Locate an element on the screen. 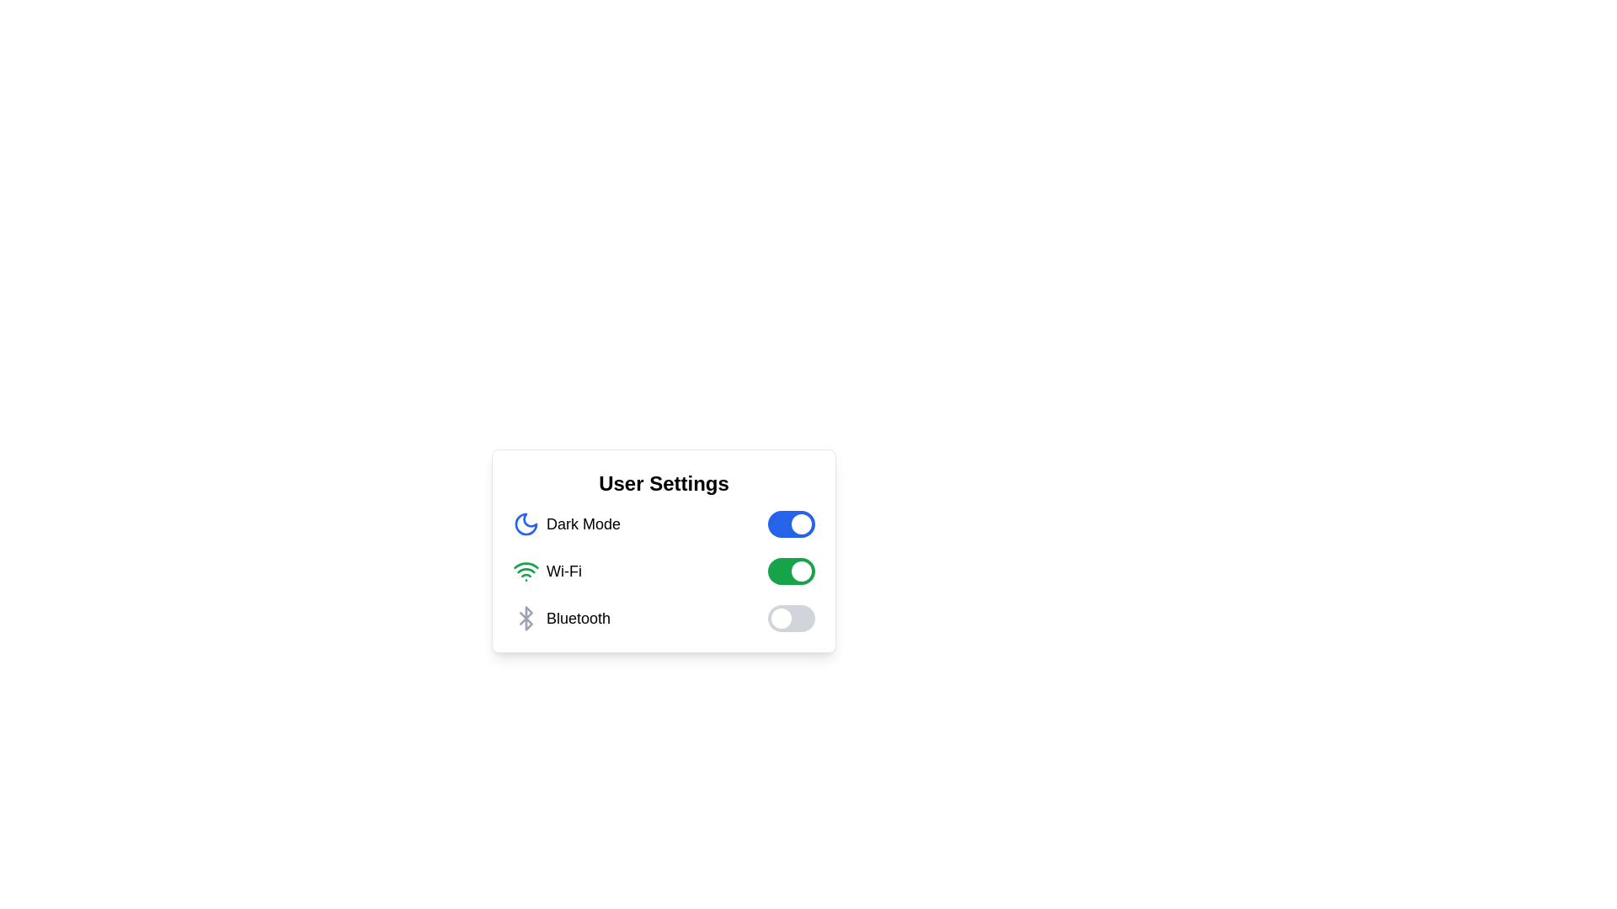 The image size is (1617, 909). the Wi-Fi setting text label for reading is located at coordinates (547, 570).